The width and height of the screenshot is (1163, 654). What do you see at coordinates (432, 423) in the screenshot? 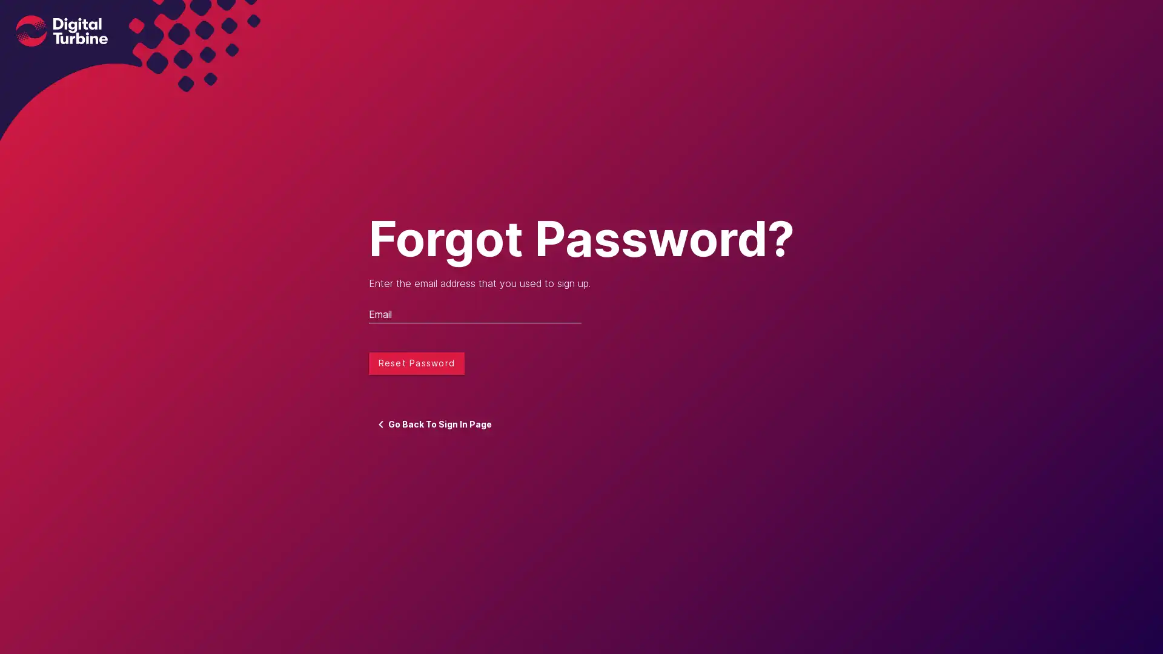
I see `Go Back To Sign In Page` at bounding box center [432, 423].